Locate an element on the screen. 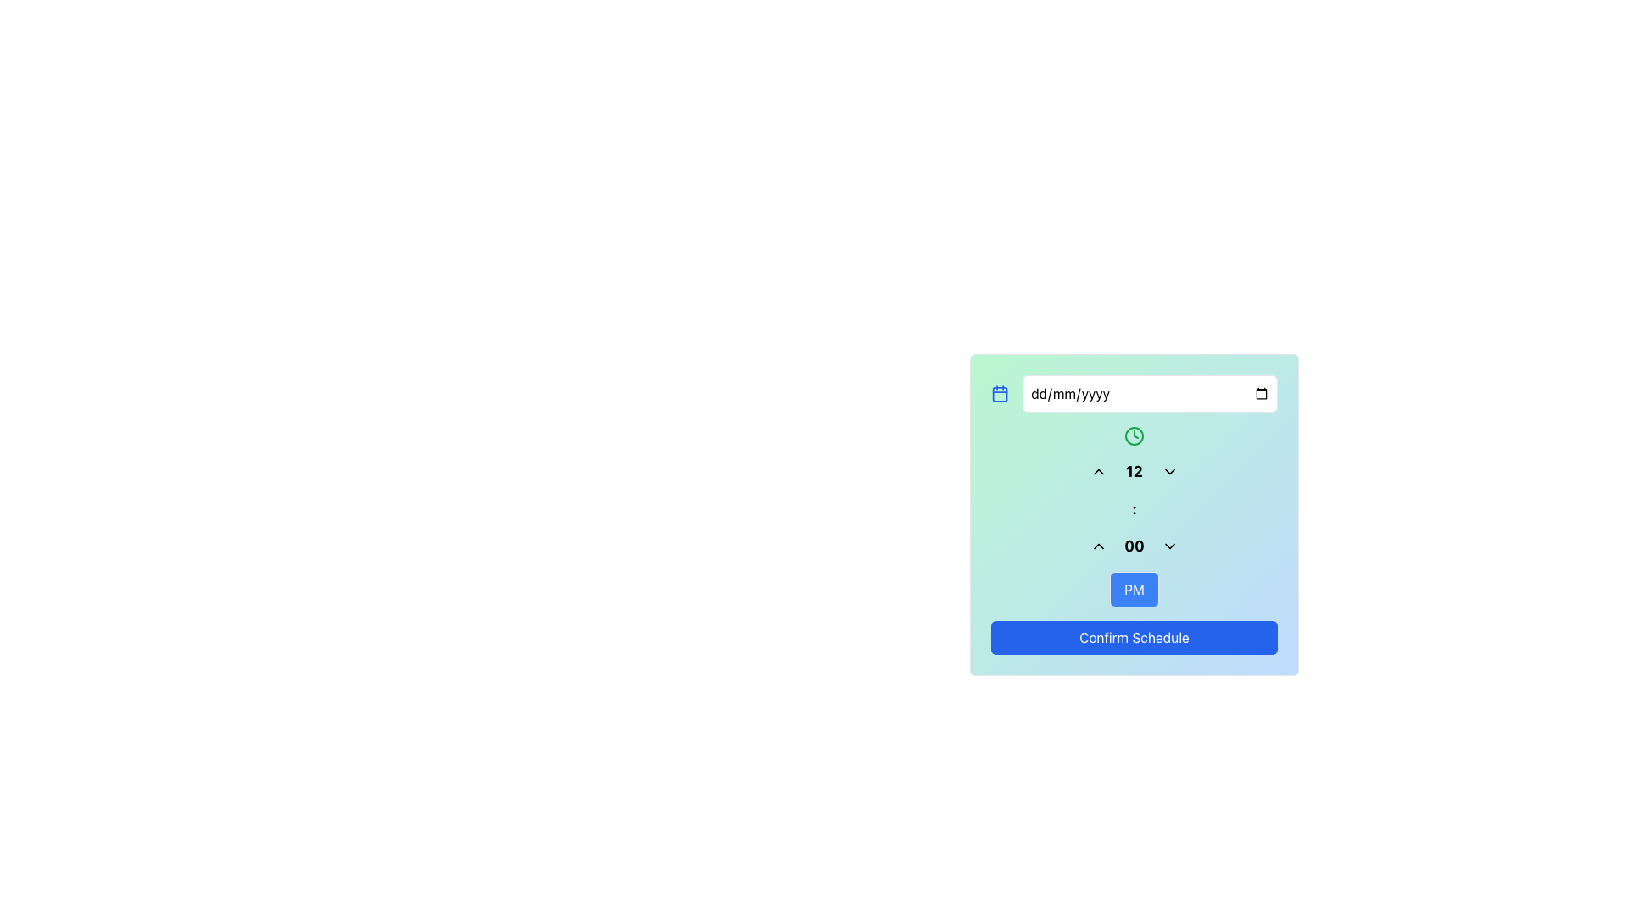 This screenshot has height=915, width=1628. the toggle button for switching between 'AM' and 'PM' modes is located at coordinates (1135, 588).